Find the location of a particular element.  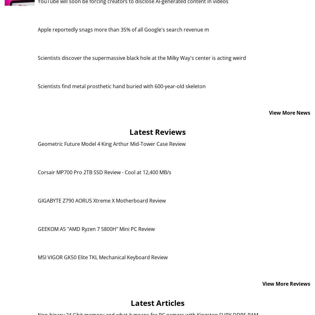

'MSI VIGOR GK50 Elite TKL Mechanical Keyboard Review' is located at coordinates (37, 257).